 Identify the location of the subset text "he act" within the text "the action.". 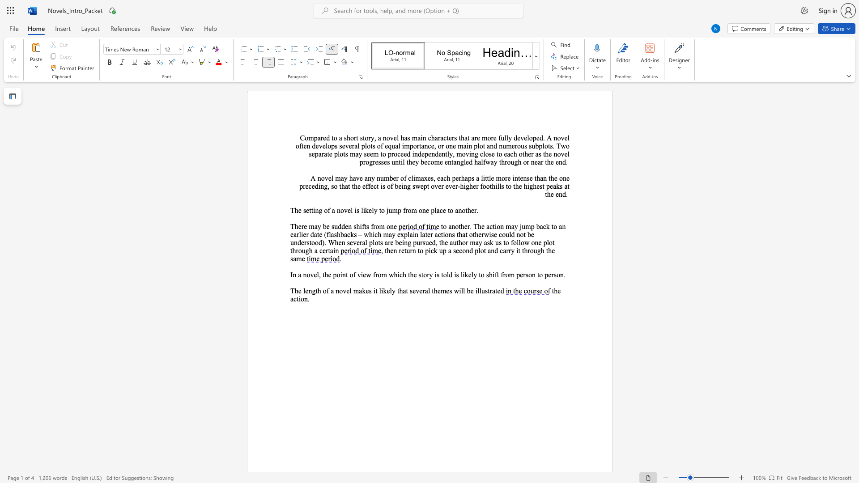
(553, 291).